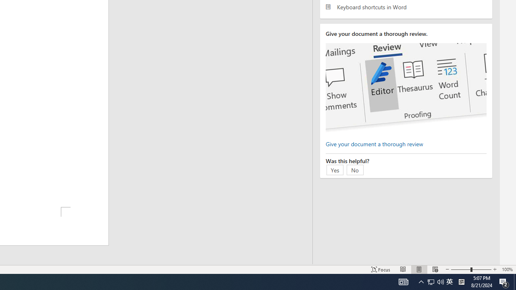 This screenshot has width=516, height=290. Describe the element at coordinates (355, 169) in the screenshot. I see `'No'` at that location.